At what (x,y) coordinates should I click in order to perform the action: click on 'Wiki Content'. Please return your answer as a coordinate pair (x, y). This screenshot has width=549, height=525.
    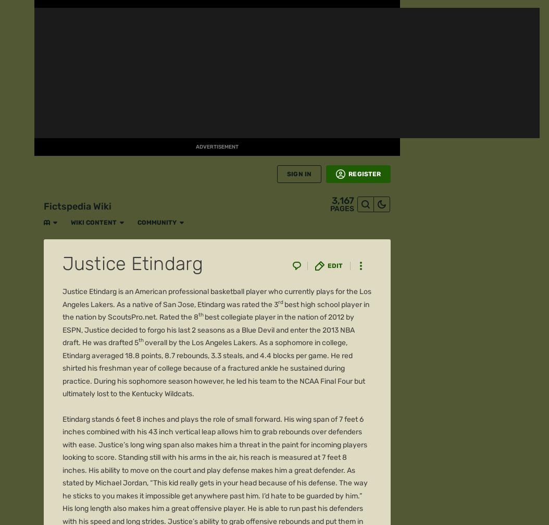
    Looking at the image, I should click on (85, 11).